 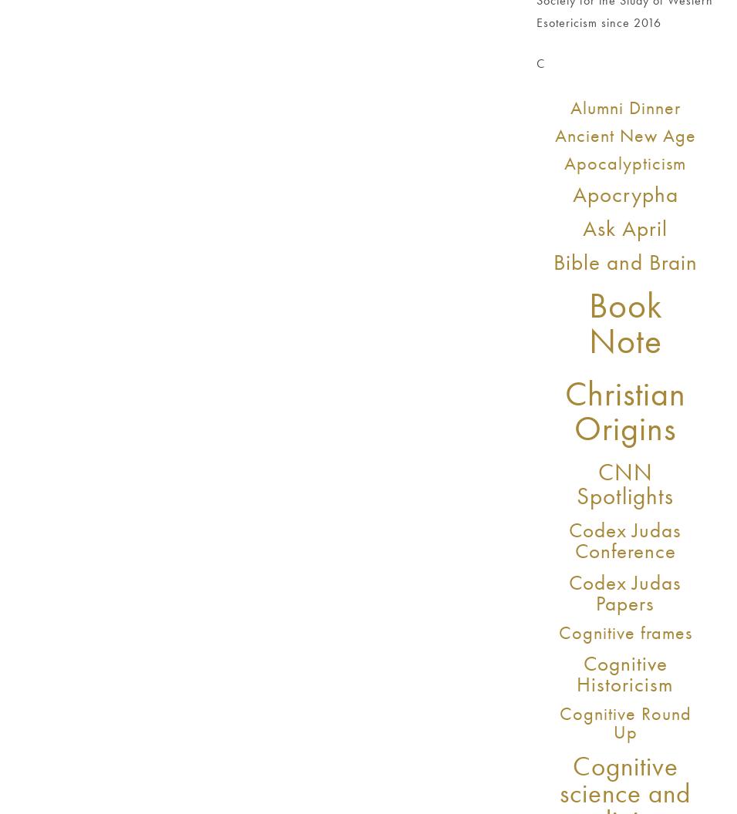 What do you see at coordinates (624, 106) in the screenshot?
I see `'Alumni Dinner'` at bounding box center [624, 106].